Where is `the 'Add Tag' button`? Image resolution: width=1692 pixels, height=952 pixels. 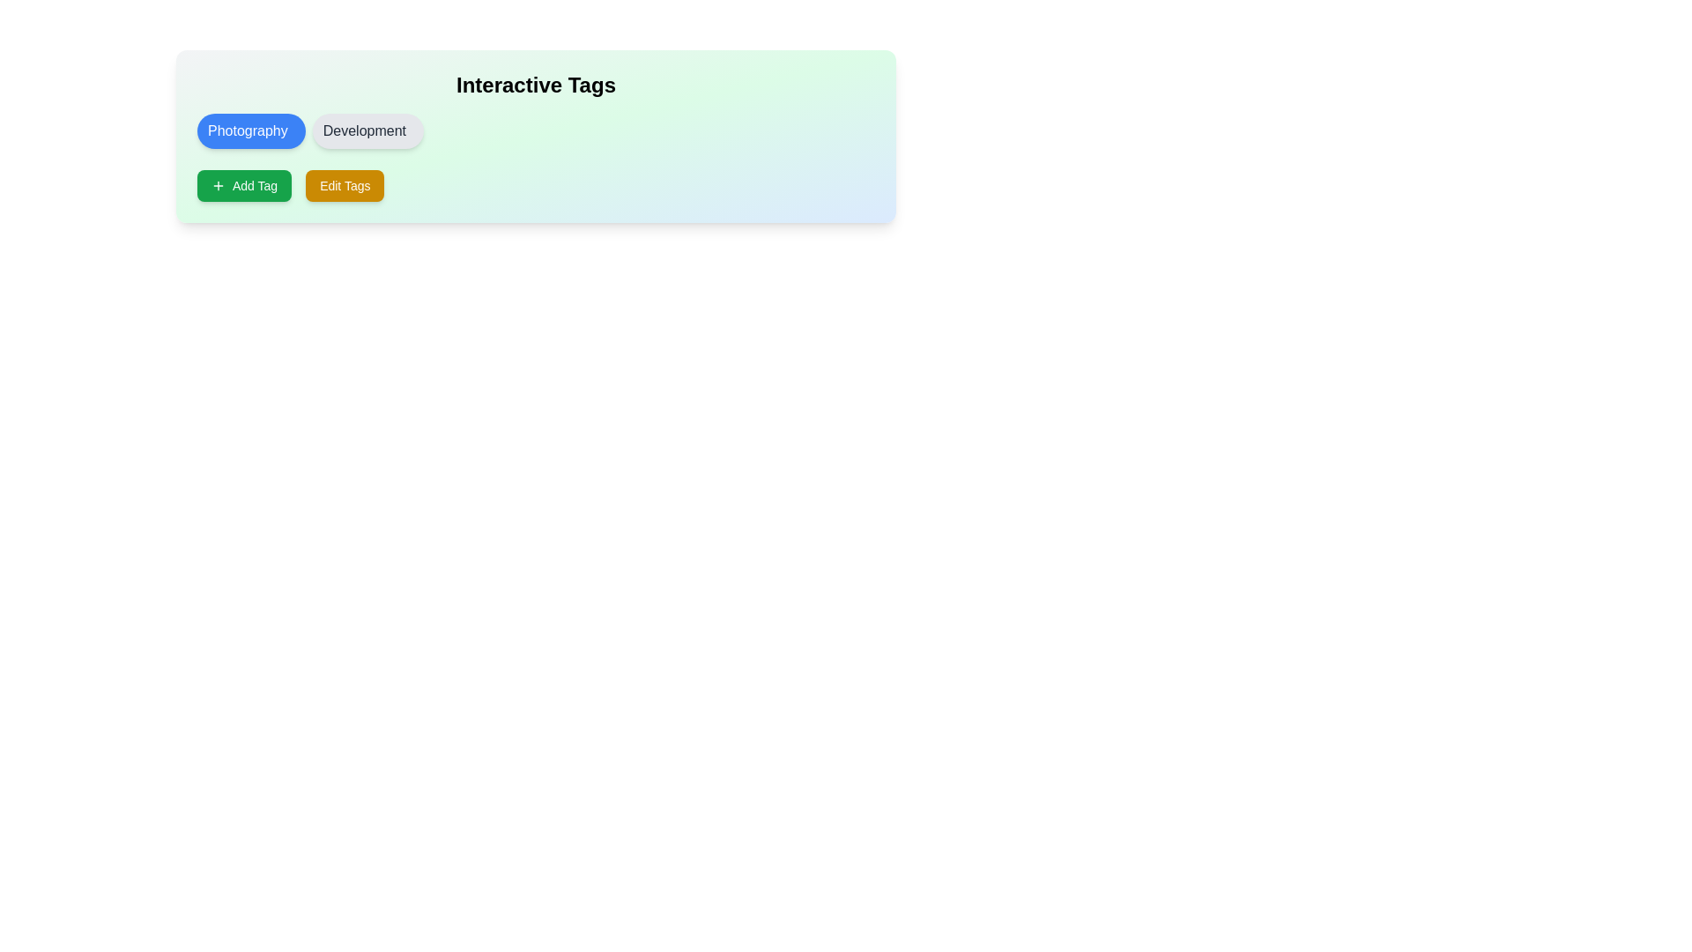 the 'Add Tag' button is located at coordinates (243, 186).